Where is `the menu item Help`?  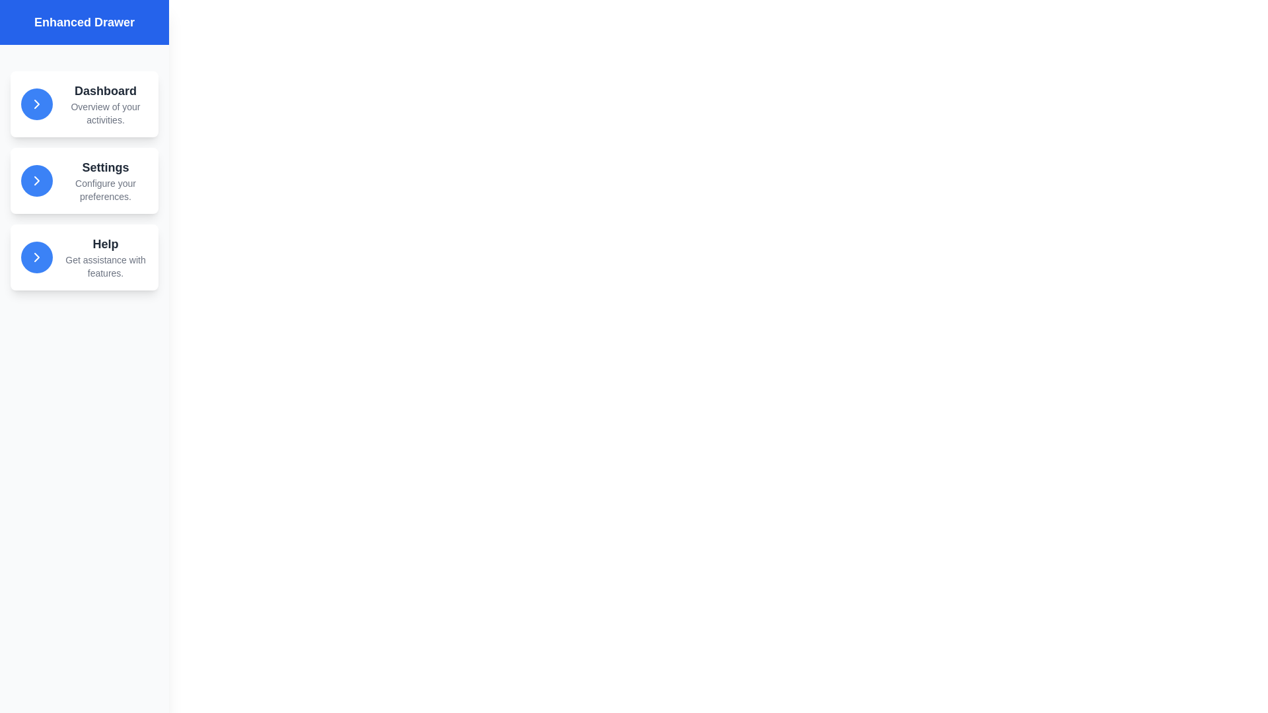 the menu item Help is located at coordinates (84, 257).